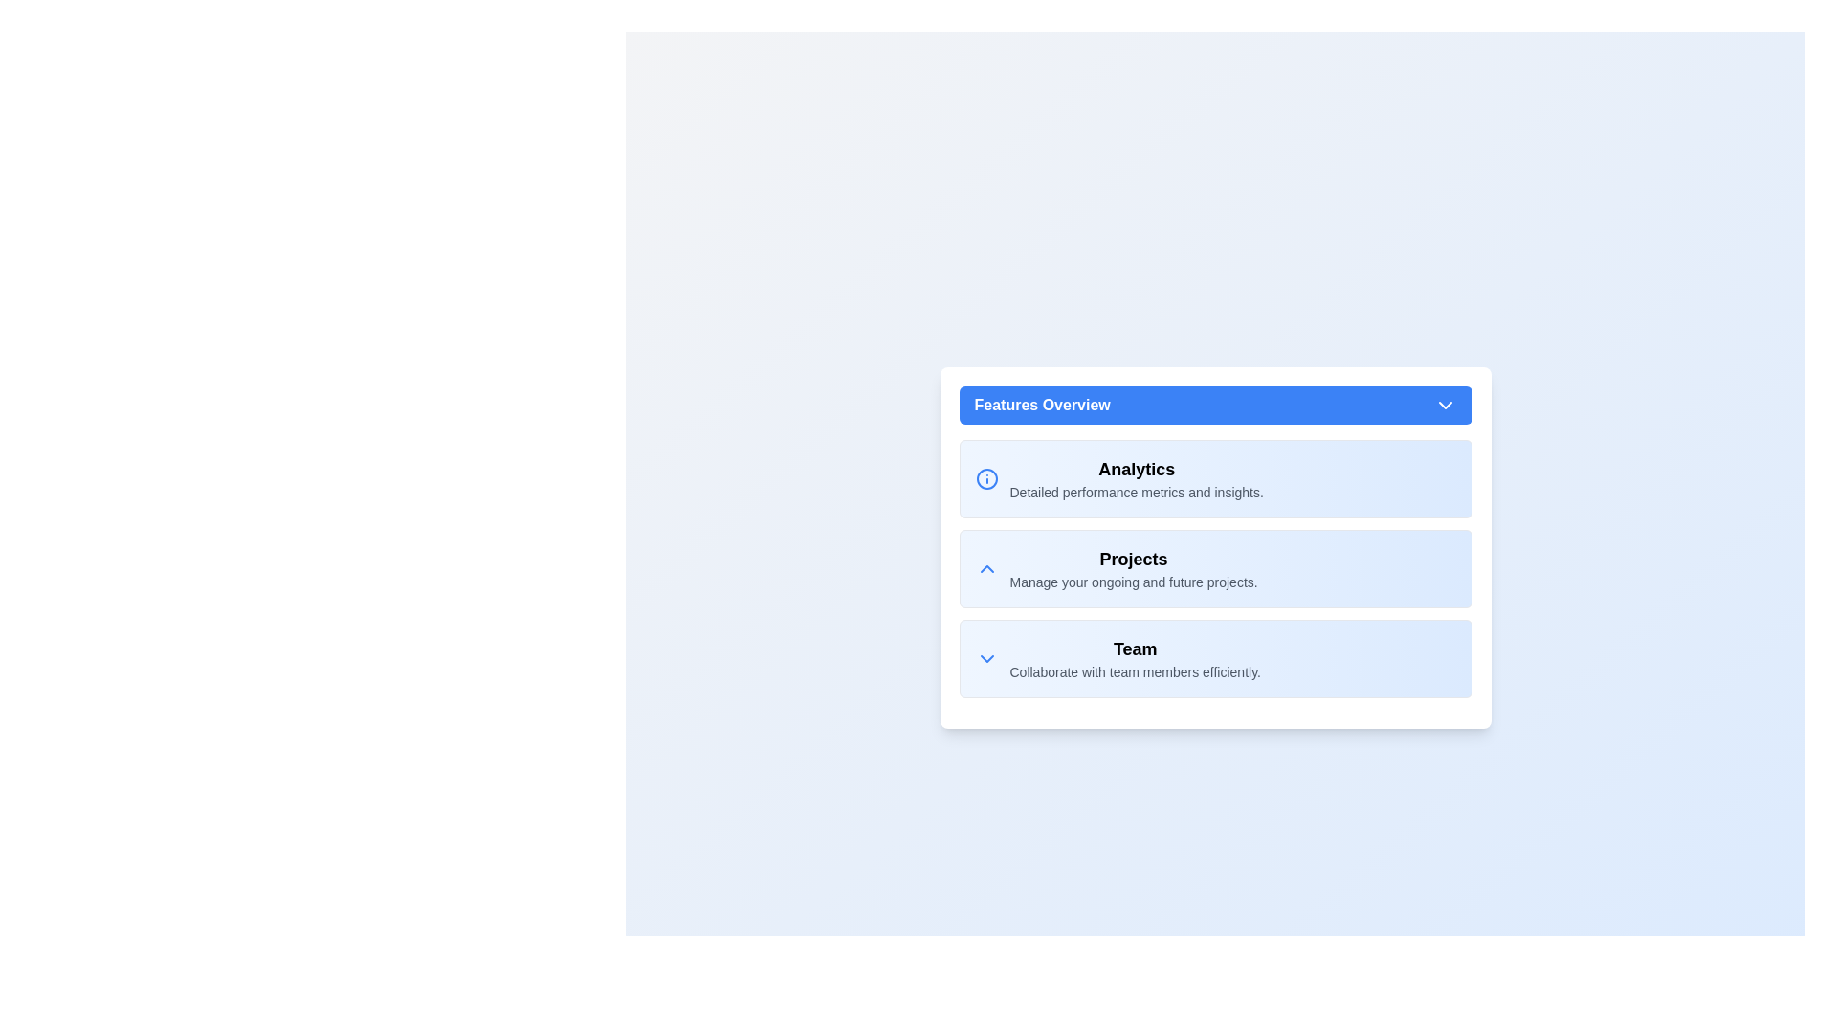  Describe the element at coordinates (1137, 478) in the screenshot. I see `the 'Analytics' text label` at that location.